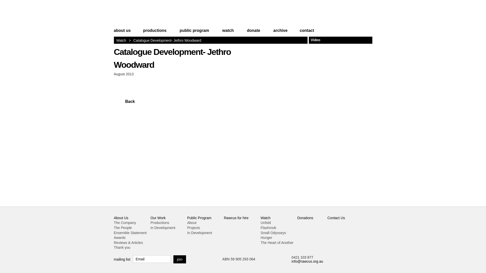 This screenshot has height=273, width=486. Describe the element at coordinates (297, 217) in the screenshot. I see `'Donations'` at that location.